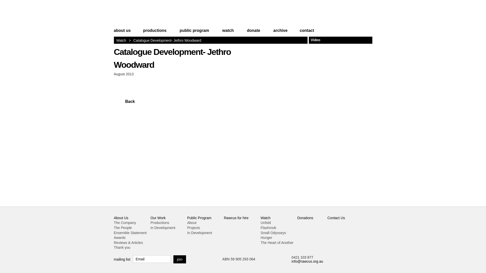 This screenshot has height=273, width=486. Describe the element at coordinates (297, 217) in the screenshot. I see `'Donations'` at that location.